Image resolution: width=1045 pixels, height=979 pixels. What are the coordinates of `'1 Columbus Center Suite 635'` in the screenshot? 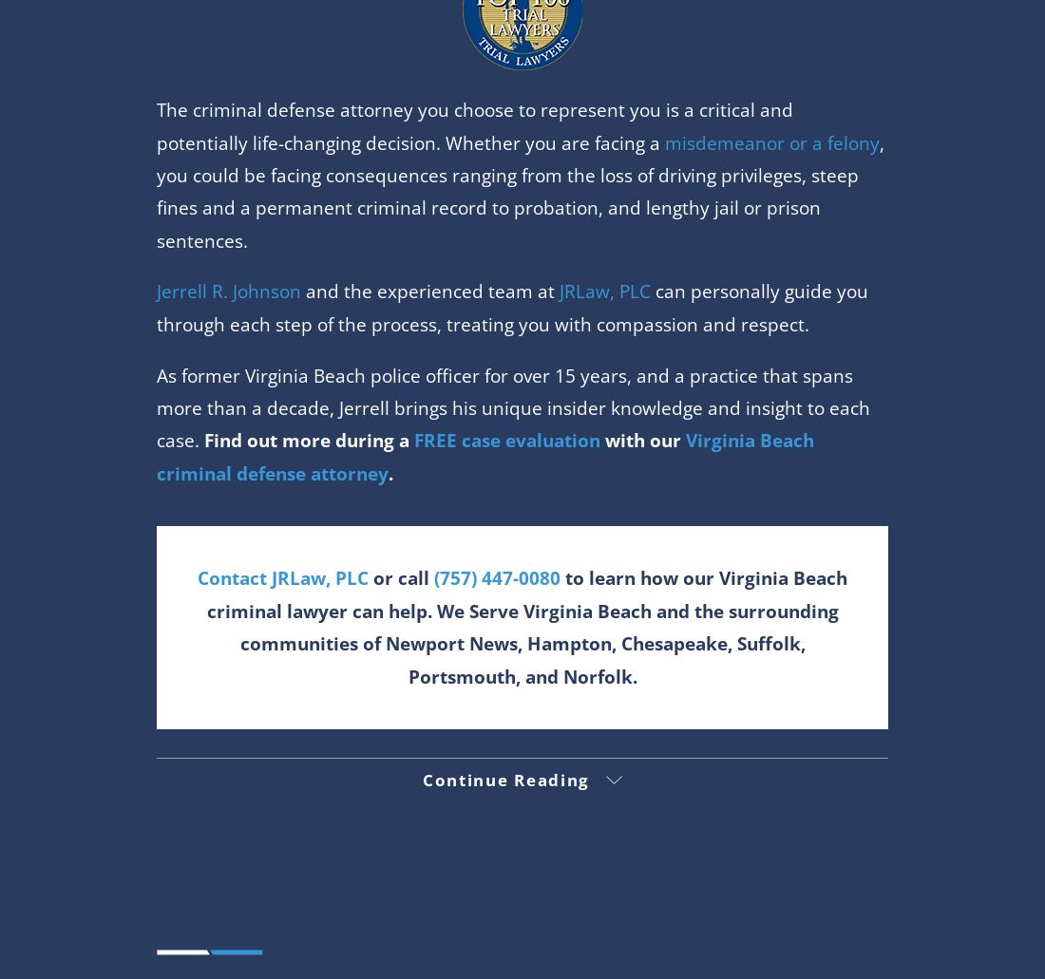 It's located at (522, 532).